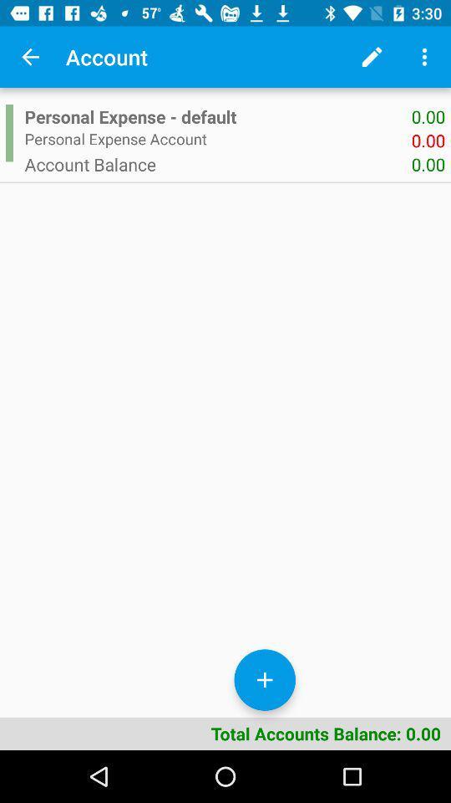 The height and width of the screenshot is (803, 451). I want to click on no tagging, so click(30, 57).